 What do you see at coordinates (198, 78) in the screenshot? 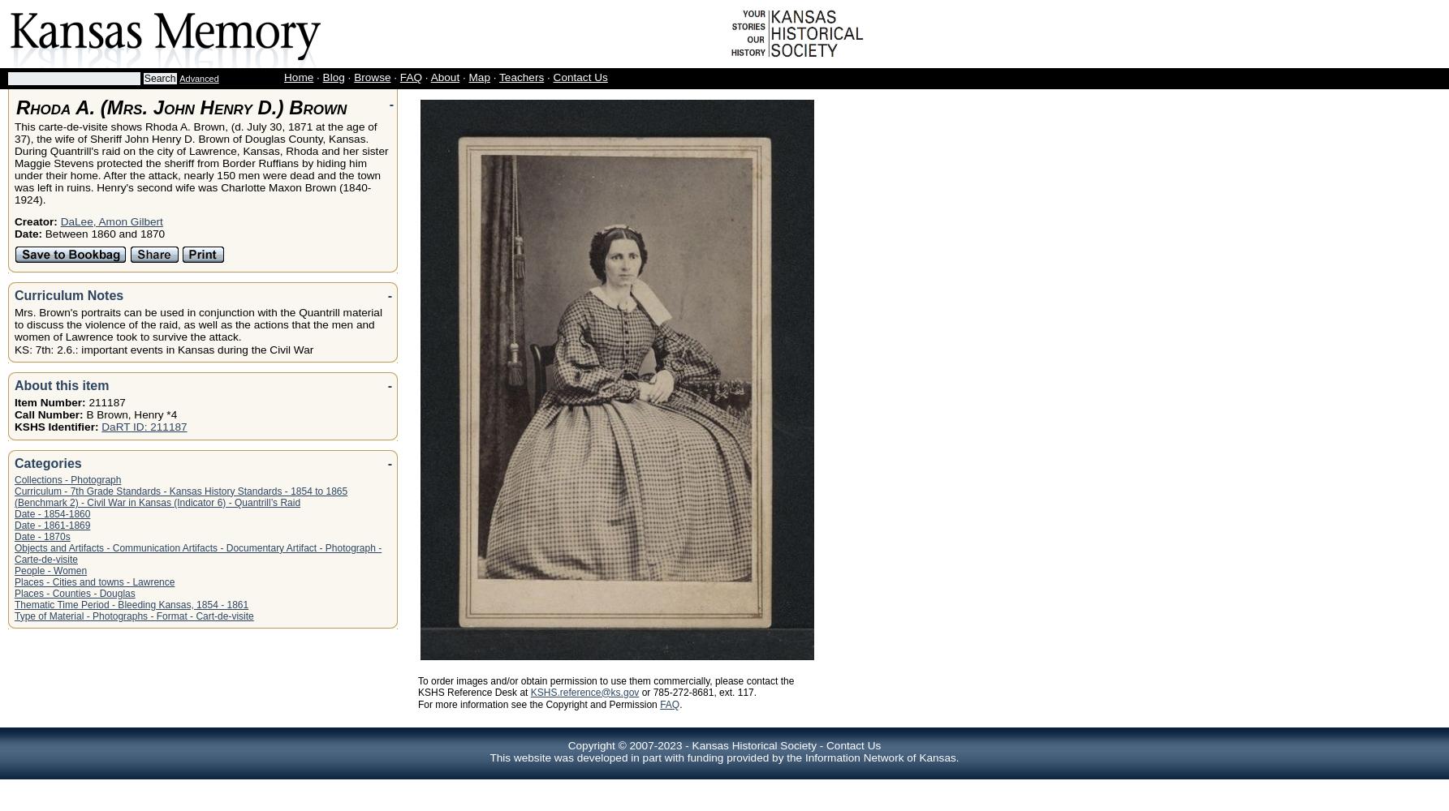
I see `'Advanced'` at bounding box center [198, 78].